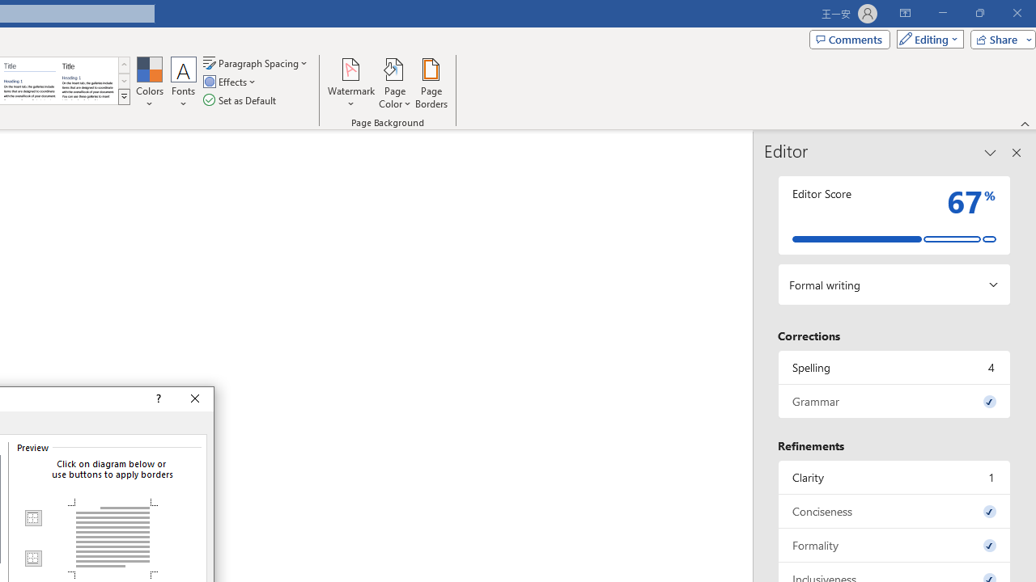 The image size is (1036, 582). What do you see at coordinates (894, 545) in the screenshot?
I see `'Formality, 0 issues. Press space or enter to review items.'` at bounding box center [894, 545].